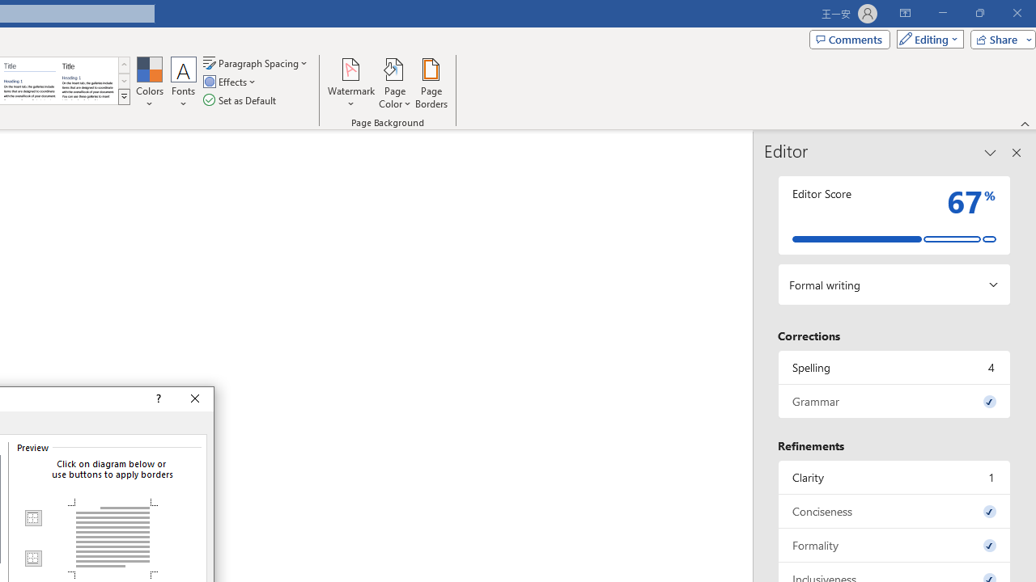 The image size is (1036, 582). What do you see at coordinates (894, 545) in the screenshot?
I see `'Formality, 0 issues. Press space or enter to review items.'` at bounding box center [894, 545].